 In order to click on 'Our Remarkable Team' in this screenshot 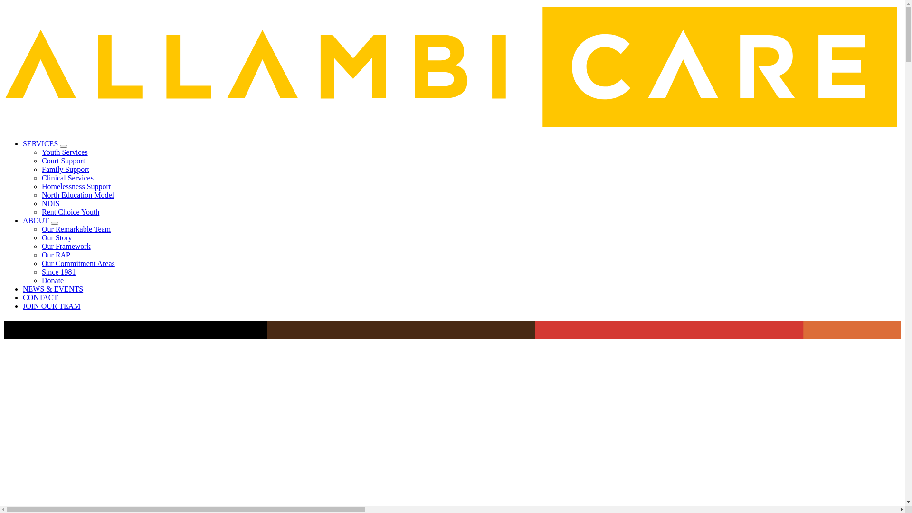, I will do `click(41, 229)`.